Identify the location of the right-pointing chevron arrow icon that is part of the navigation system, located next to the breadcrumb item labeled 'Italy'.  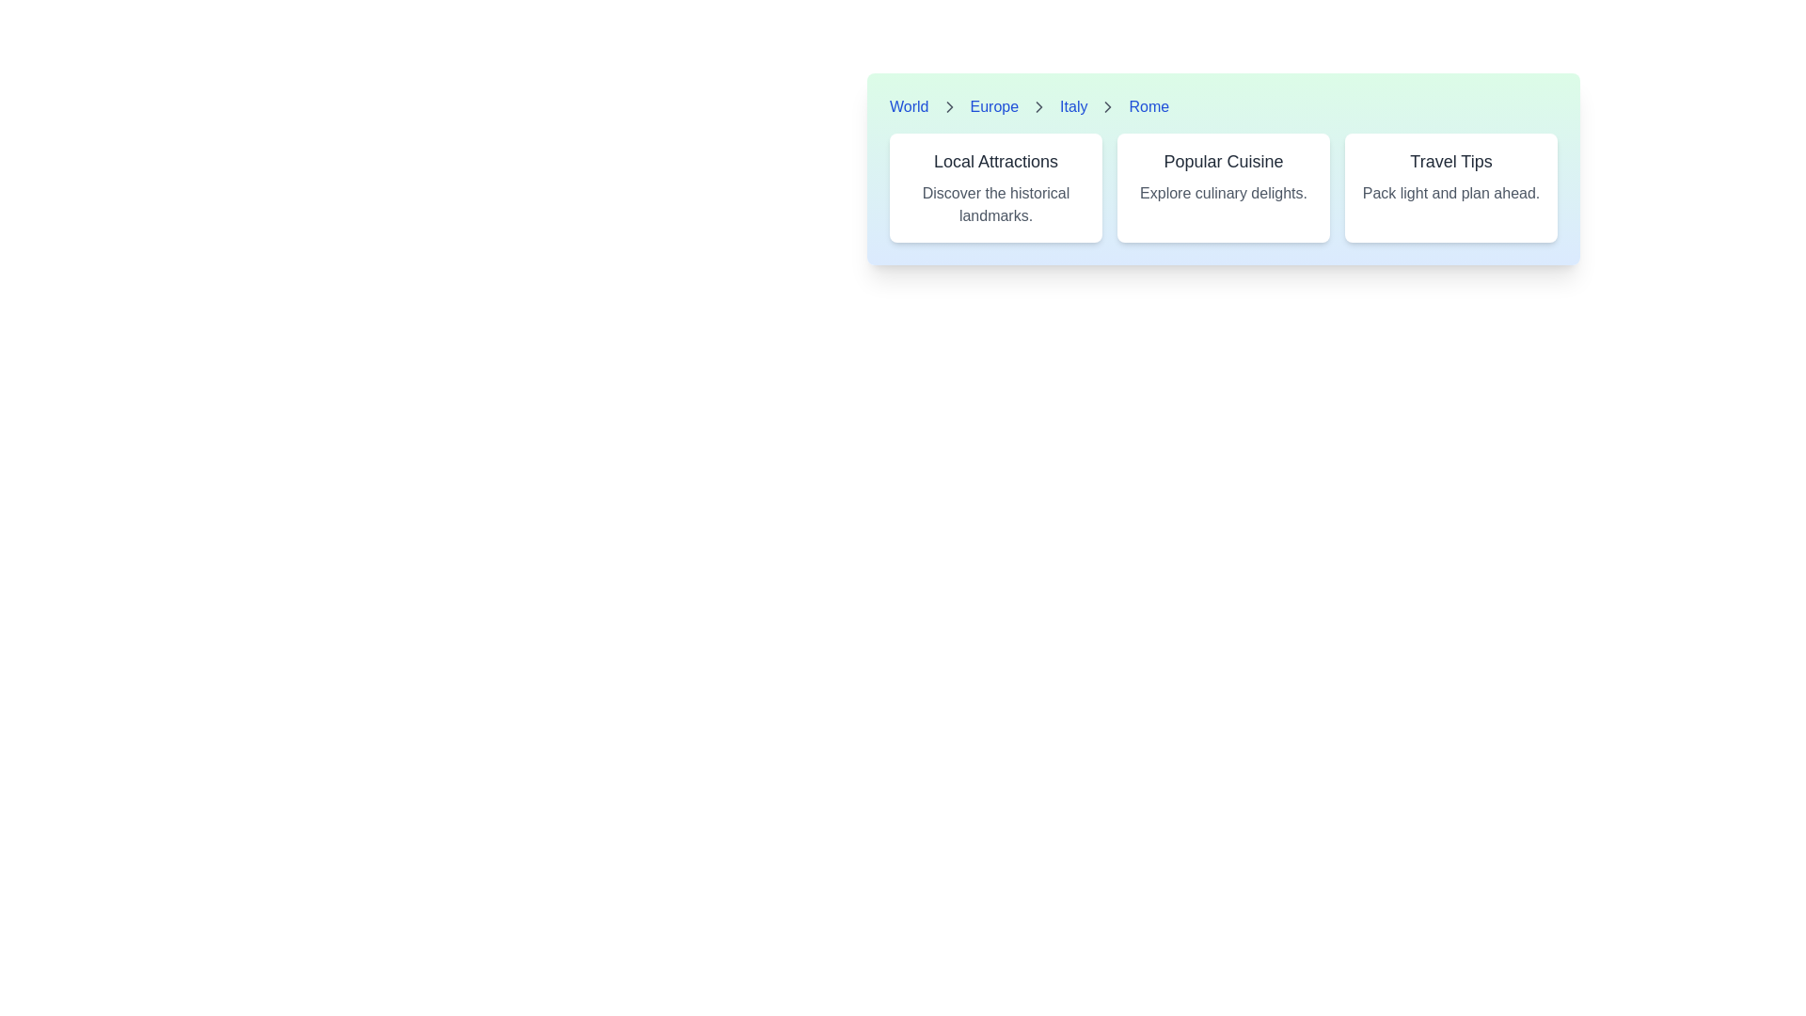
(949, 107).